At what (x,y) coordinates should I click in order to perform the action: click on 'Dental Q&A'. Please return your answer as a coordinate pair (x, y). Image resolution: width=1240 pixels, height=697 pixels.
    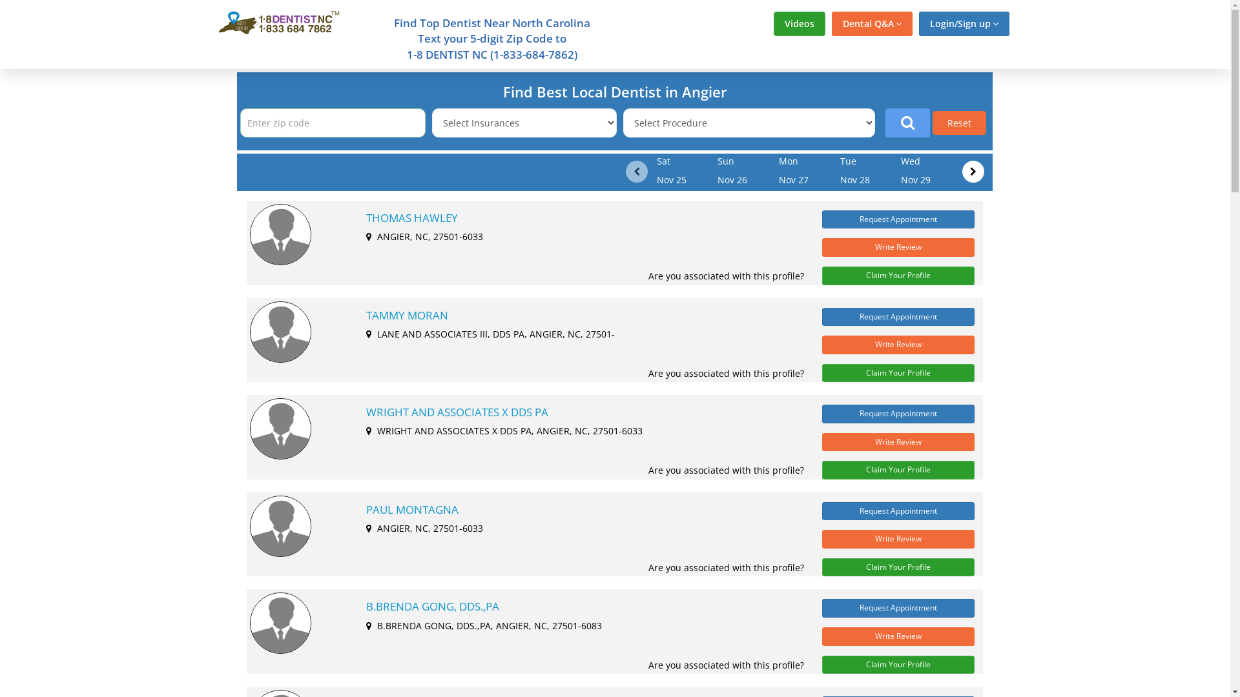
    Looking at the image, I should click on (872, 24).